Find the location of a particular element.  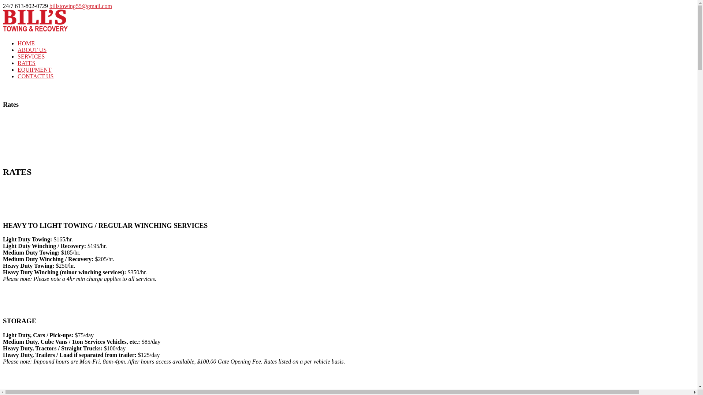

'EQUIPMENT' is located at coordinates (34, 69).